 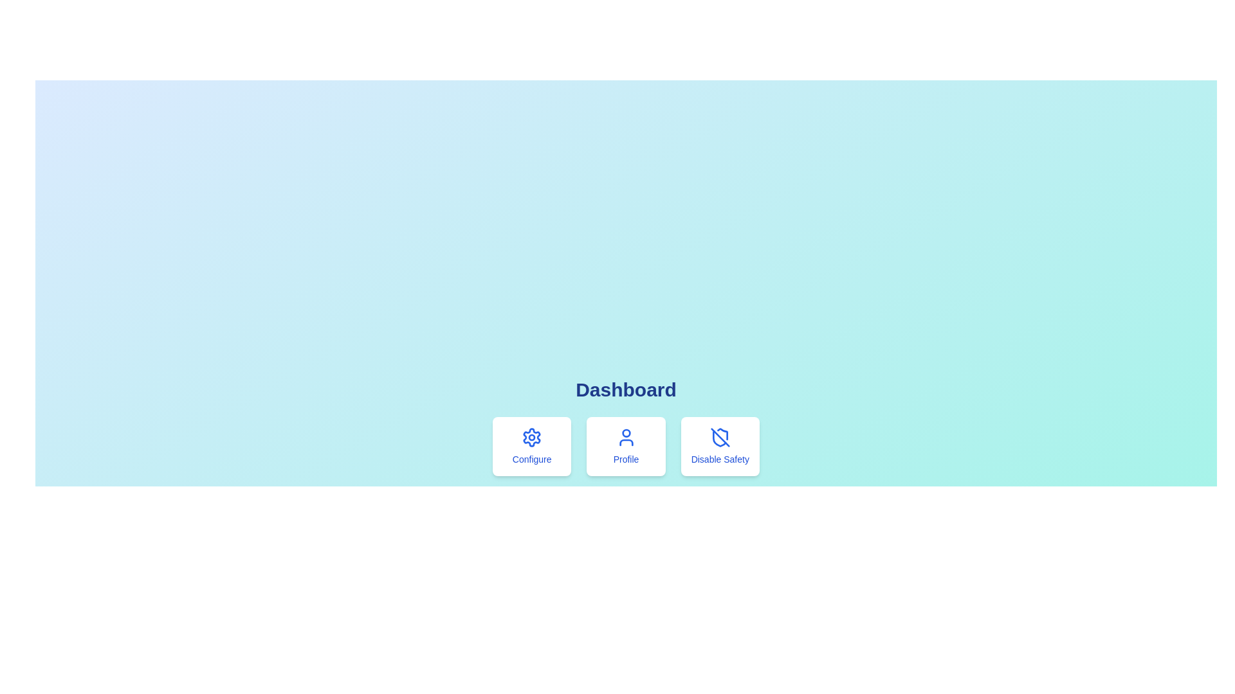 I want to click on the graphical settings icon located in the middle row of the main interface, so click(x=531, y=437).